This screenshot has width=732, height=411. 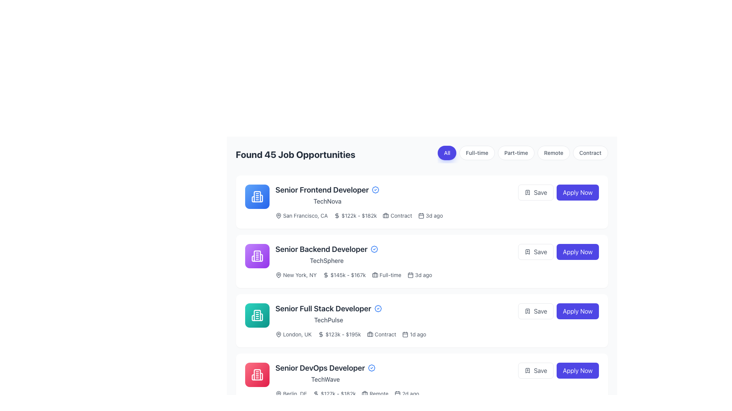 I want to click on the small squared bookmark icon with a plus sign, located to the left of the 'Save' button in the job opportunities section for the 'Senior DevOps Developer' listing, so click(x=527, y=252).